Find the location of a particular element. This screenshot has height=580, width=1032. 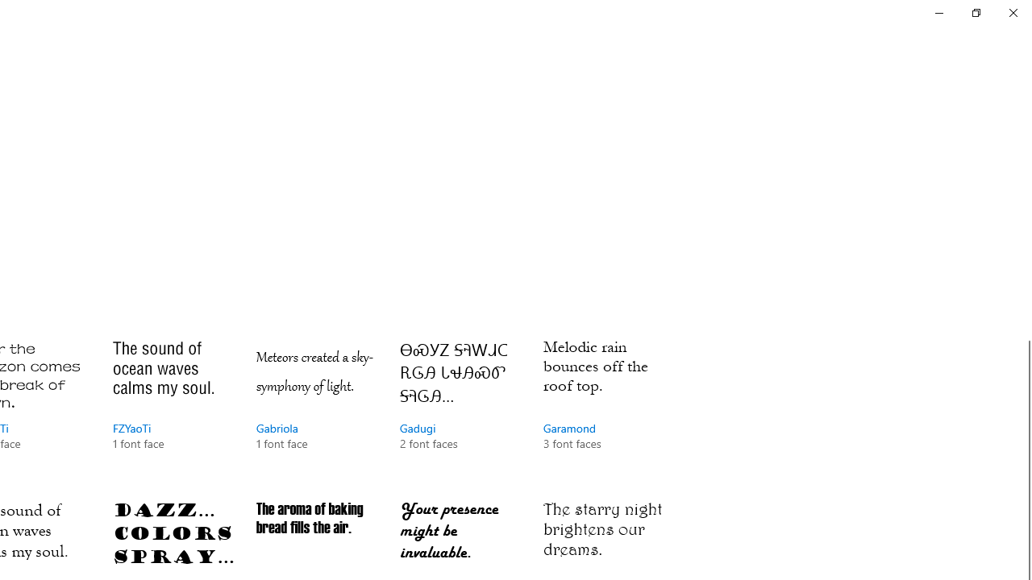

'Minimize Settings' is located at coordinates (938, 12).